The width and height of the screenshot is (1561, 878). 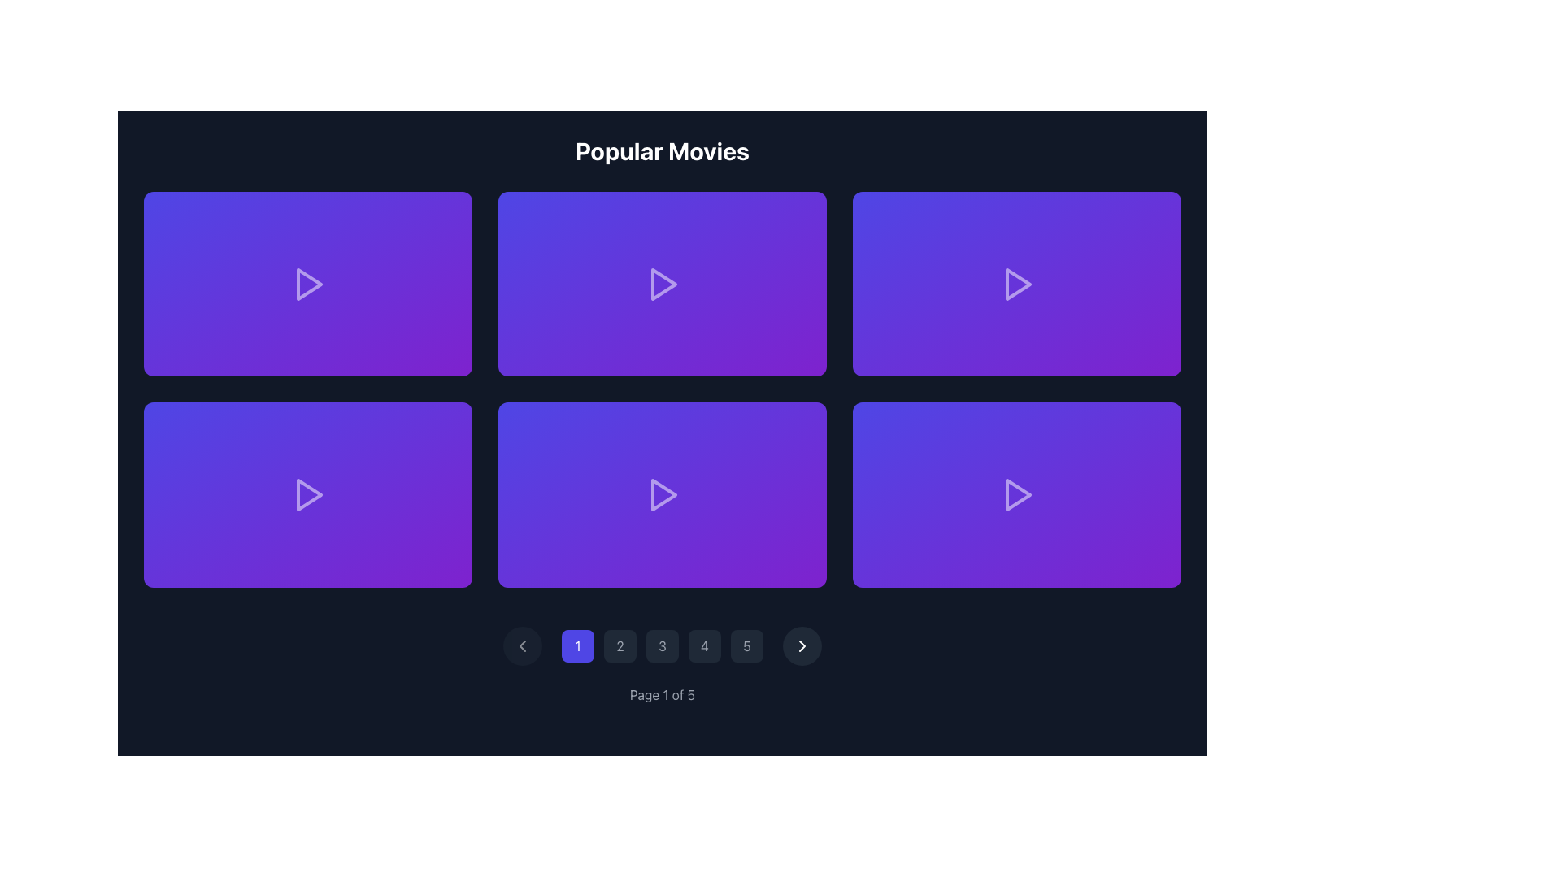 I want to click on the fourth navigation button located at the bottom center of the interface, so click(x=705, y=645).